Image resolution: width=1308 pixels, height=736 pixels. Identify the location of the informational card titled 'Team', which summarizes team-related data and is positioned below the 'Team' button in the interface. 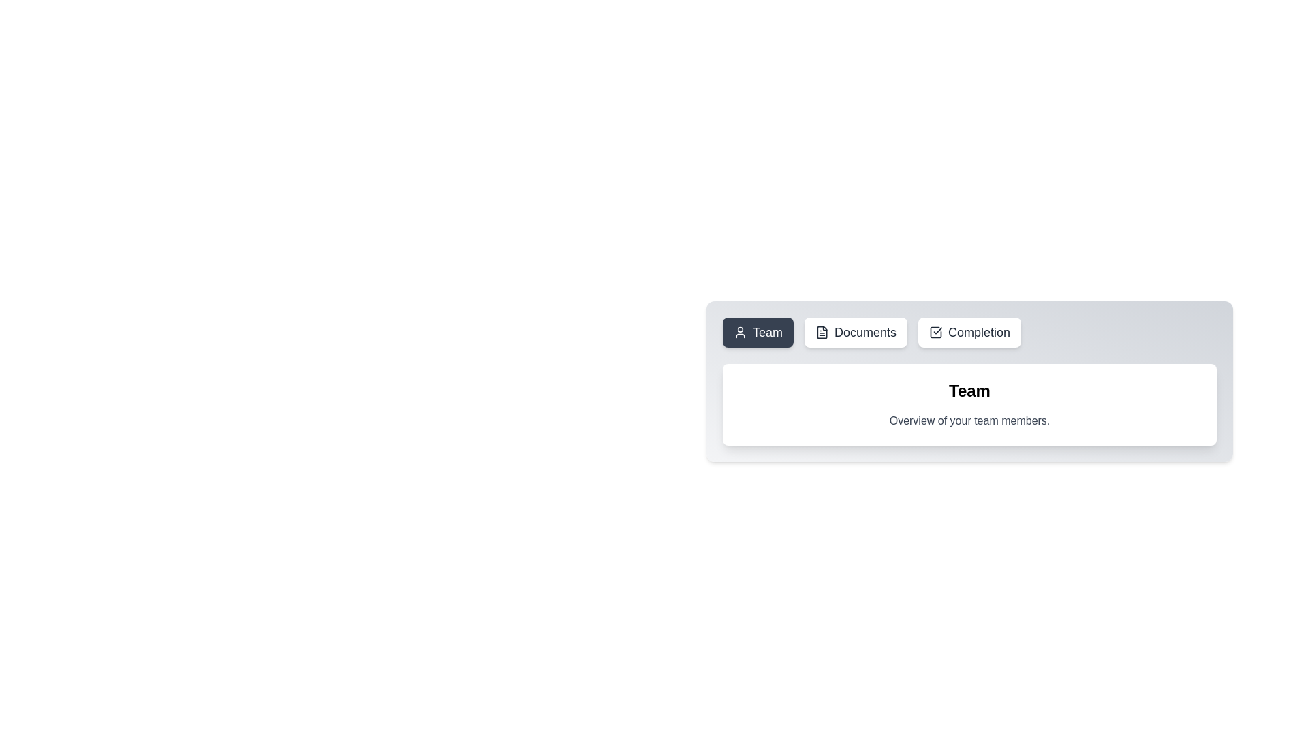
(969, 404).